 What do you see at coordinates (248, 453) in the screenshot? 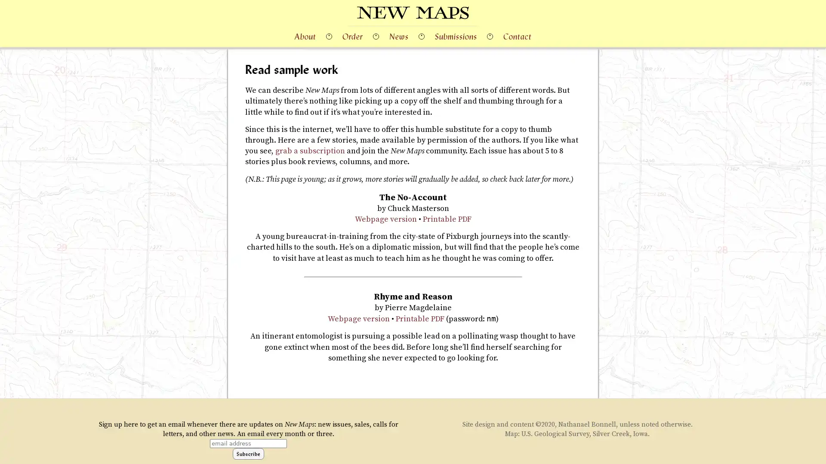
I see `Subscribe` at bounding box center [248, 453].